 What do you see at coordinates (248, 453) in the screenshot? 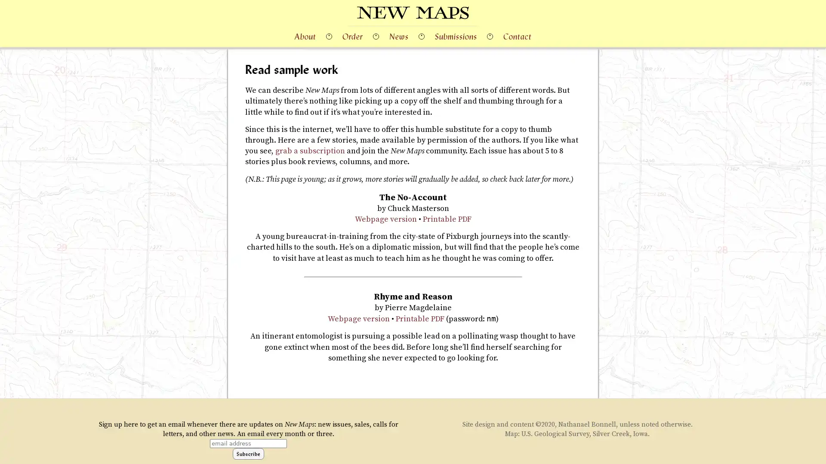
I see `Subscribe` at bounding box center [248, 453].